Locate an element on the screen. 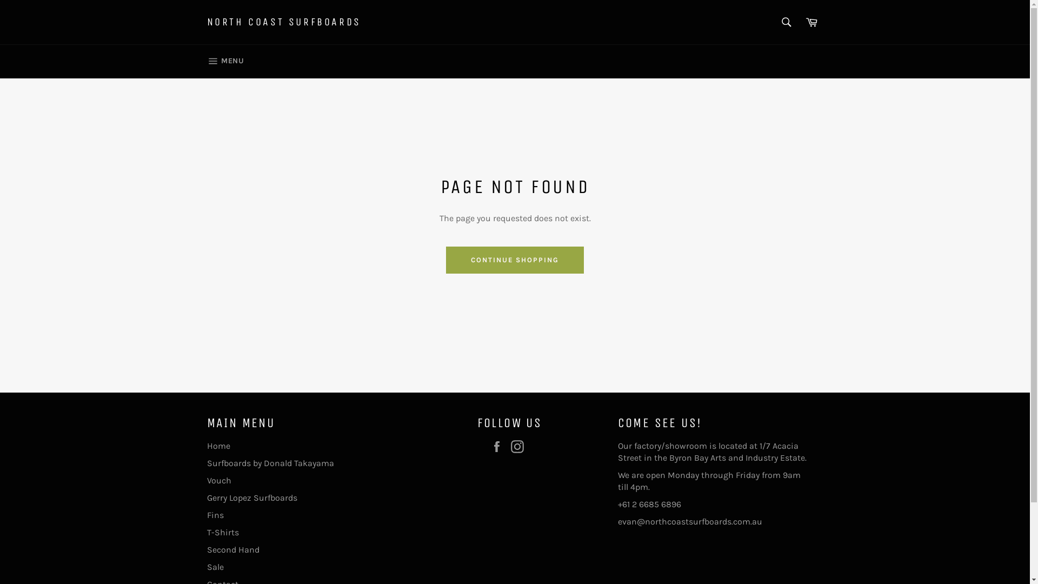  'Second Hand' is located at coordinates (232, 549).